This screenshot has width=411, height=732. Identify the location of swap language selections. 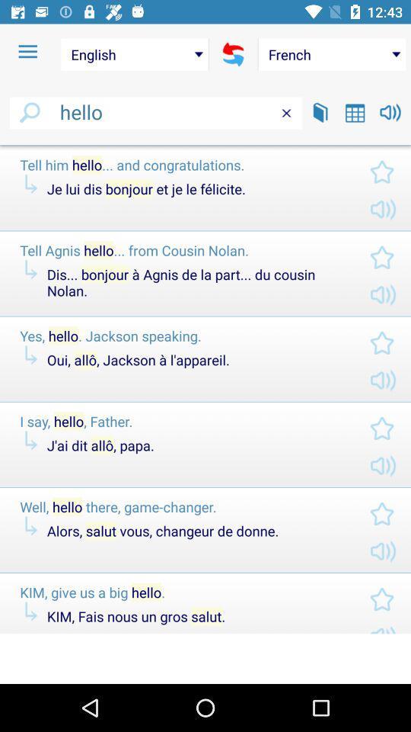
(233, 54).